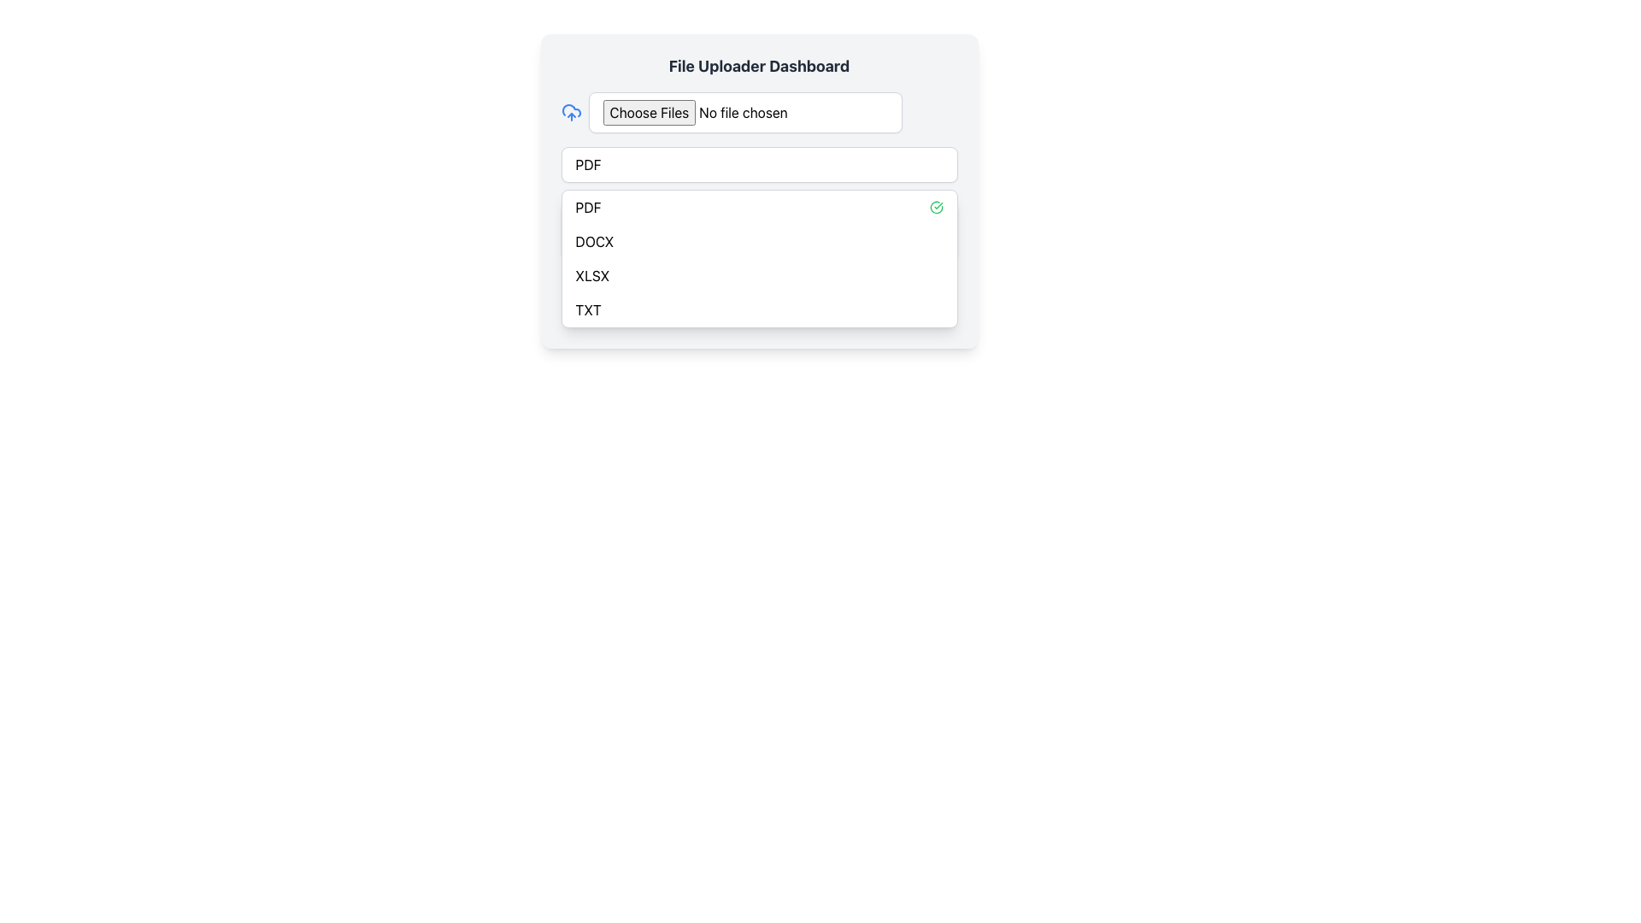 The height and width of the screenshot is (923, 1641). Describe the element at coordinates (758, 207) in the screenshot. I see `the 'PDF' dropdown menu item` at that location.